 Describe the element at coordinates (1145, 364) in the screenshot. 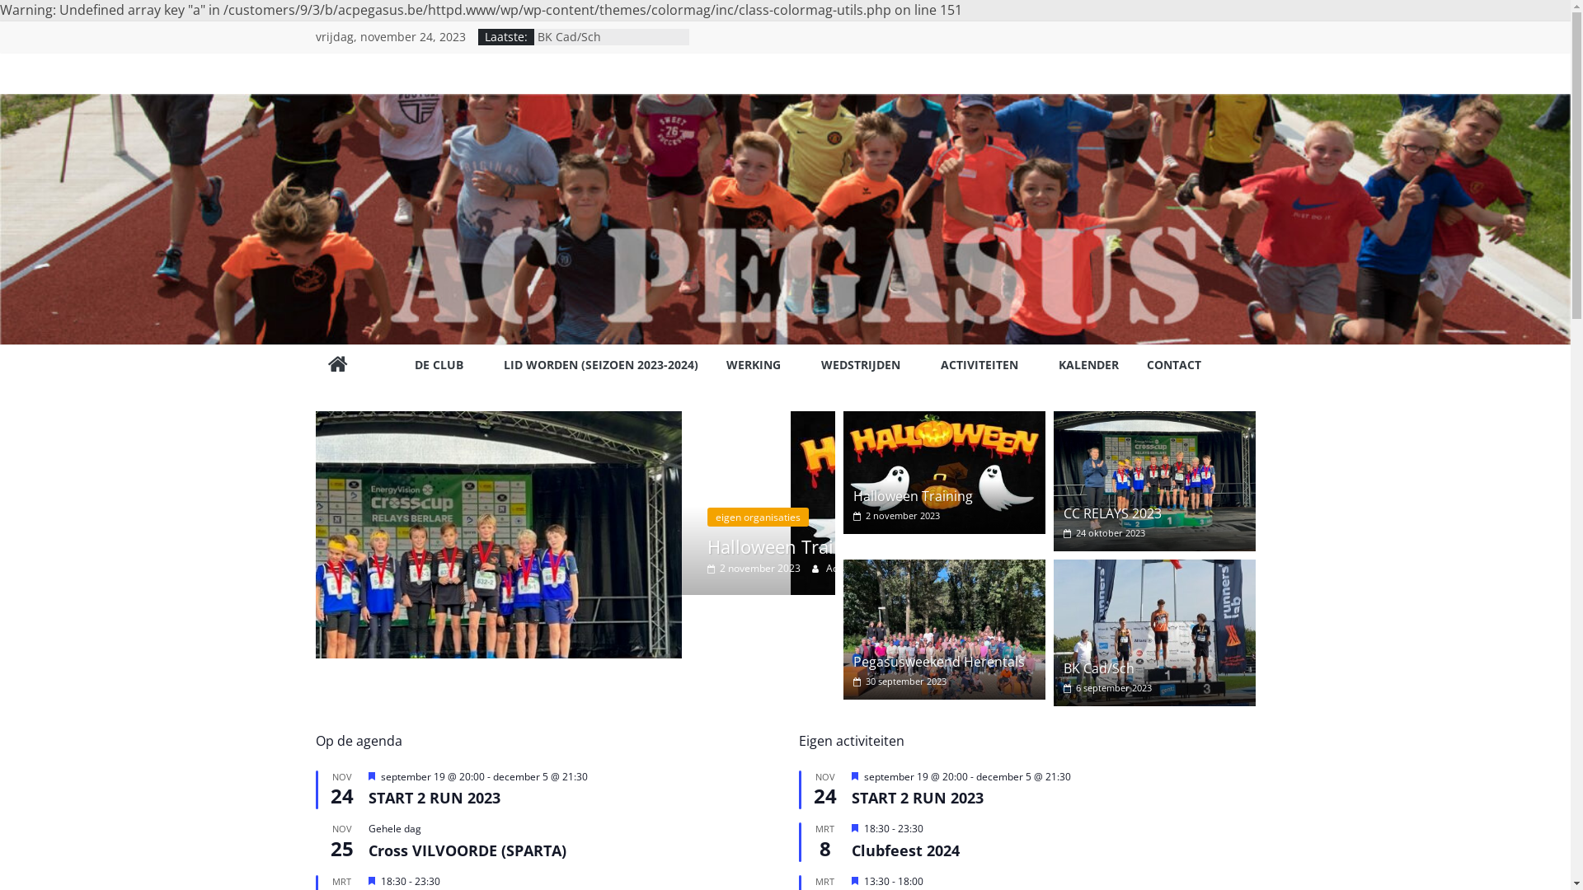

I see `'CONTACT'` at that location.